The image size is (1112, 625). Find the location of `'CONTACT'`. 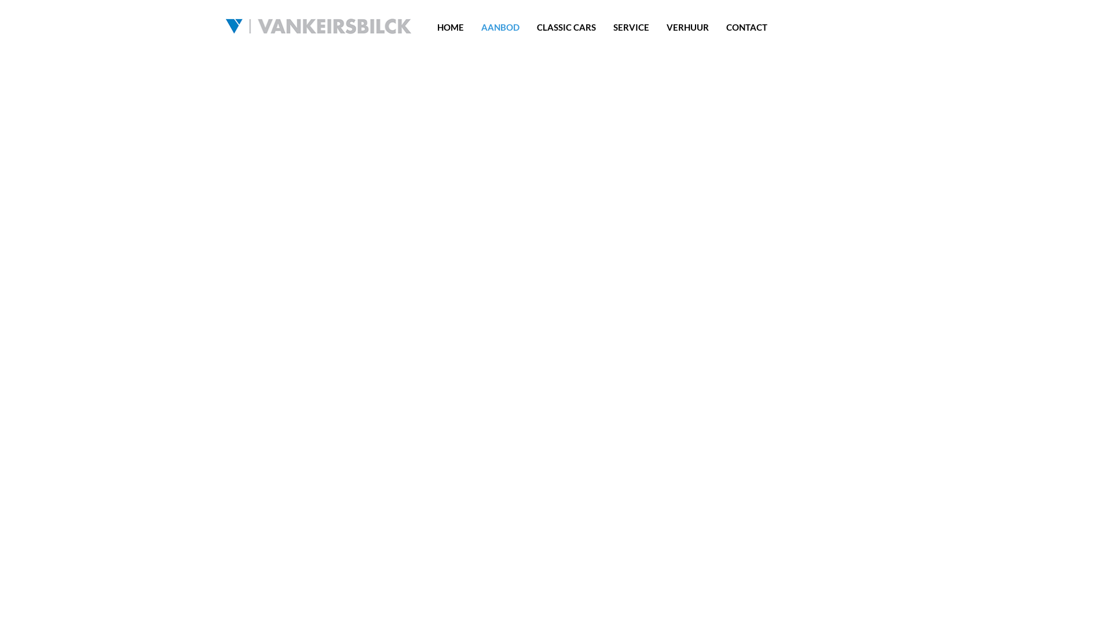

'CONTACT' is located at coordinates (747, 26).